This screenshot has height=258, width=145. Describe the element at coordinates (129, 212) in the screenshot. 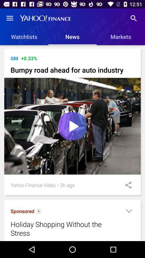

I see `show more` at that location.